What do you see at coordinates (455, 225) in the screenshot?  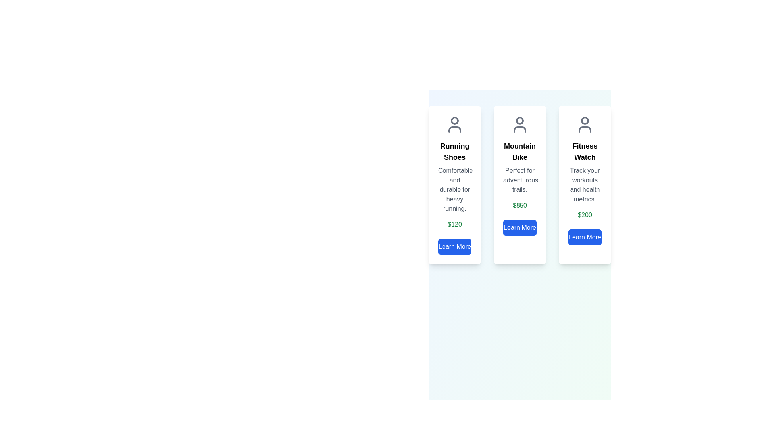 I see `the Text label displaying the price ($120) of the associated product, located below the description text and above the 'Learn More' button in the 'Running Shoes' product card` at bounding box center [455, 225].